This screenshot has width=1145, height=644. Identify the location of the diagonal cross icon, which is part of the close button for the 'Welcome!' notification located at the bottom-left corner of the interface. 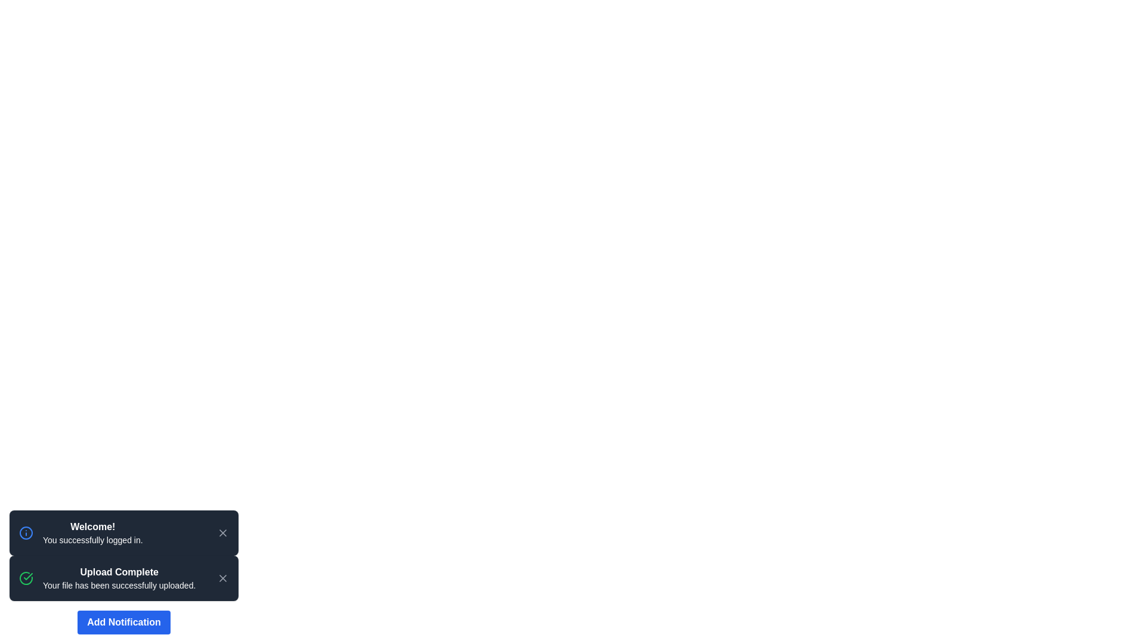
(223, 532).